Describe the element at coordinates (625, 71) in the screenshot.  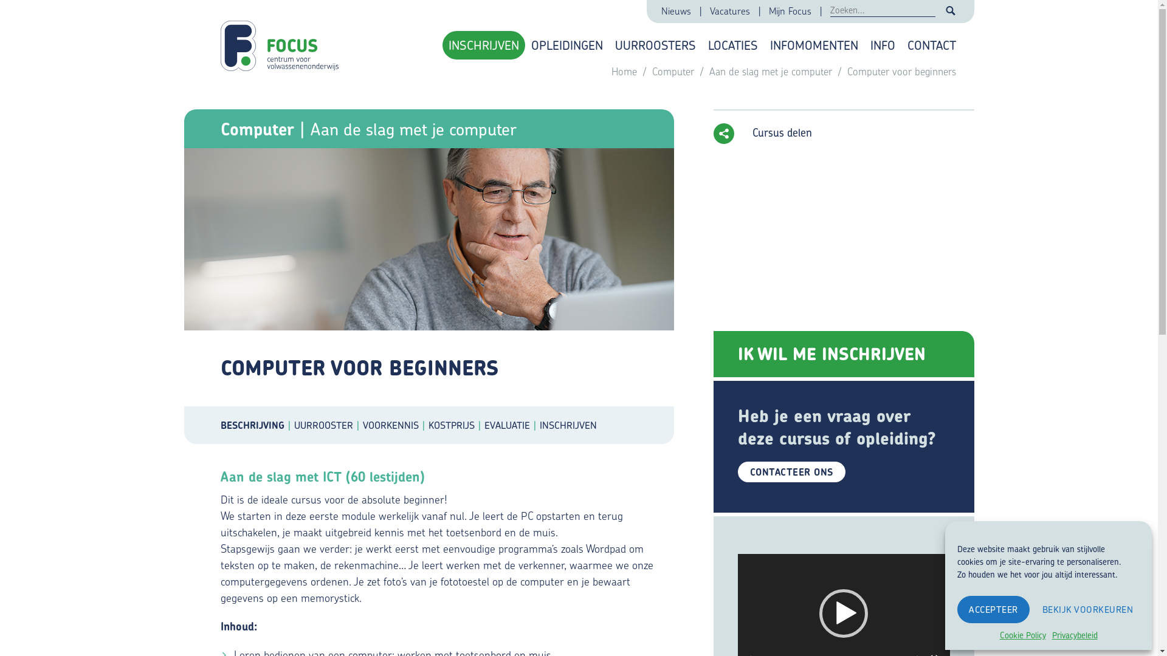
I see `'Home'` at that location.